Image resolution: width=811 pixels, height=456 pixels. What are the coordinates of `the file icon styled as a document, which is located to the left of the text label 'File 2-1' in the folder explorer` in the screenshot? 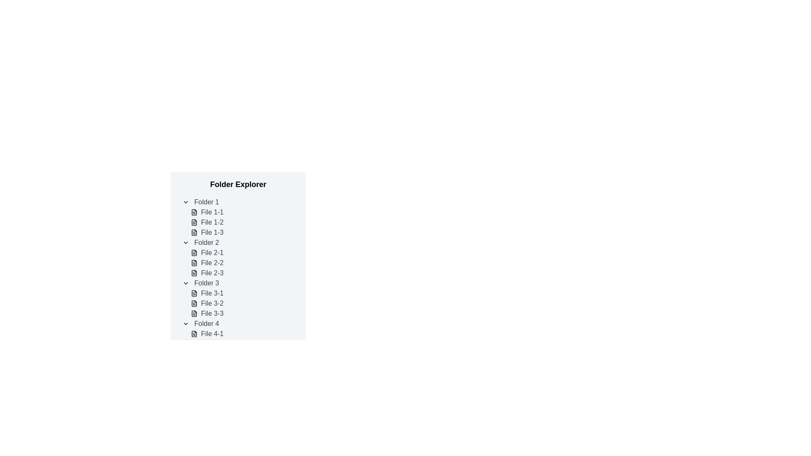 It's located at (194, 252).